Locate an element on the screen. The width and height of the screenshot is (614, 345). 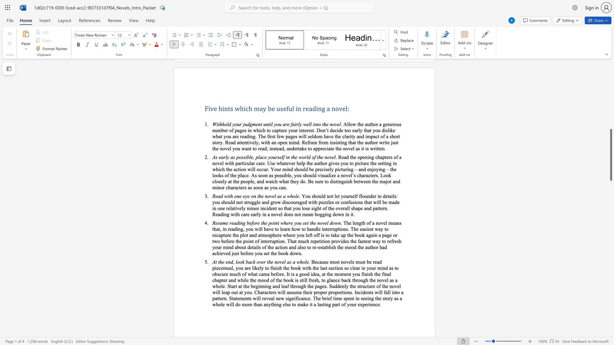
the right-hand scrollbar to ascend the page is located at coordinates (610, 176).